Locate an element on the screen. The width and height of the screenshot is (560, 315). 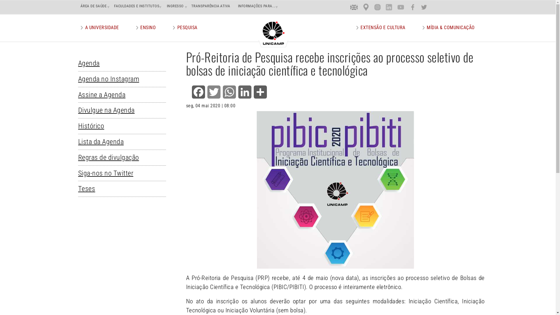
'Assine a Agenda' is located at coordinates (105, 94).